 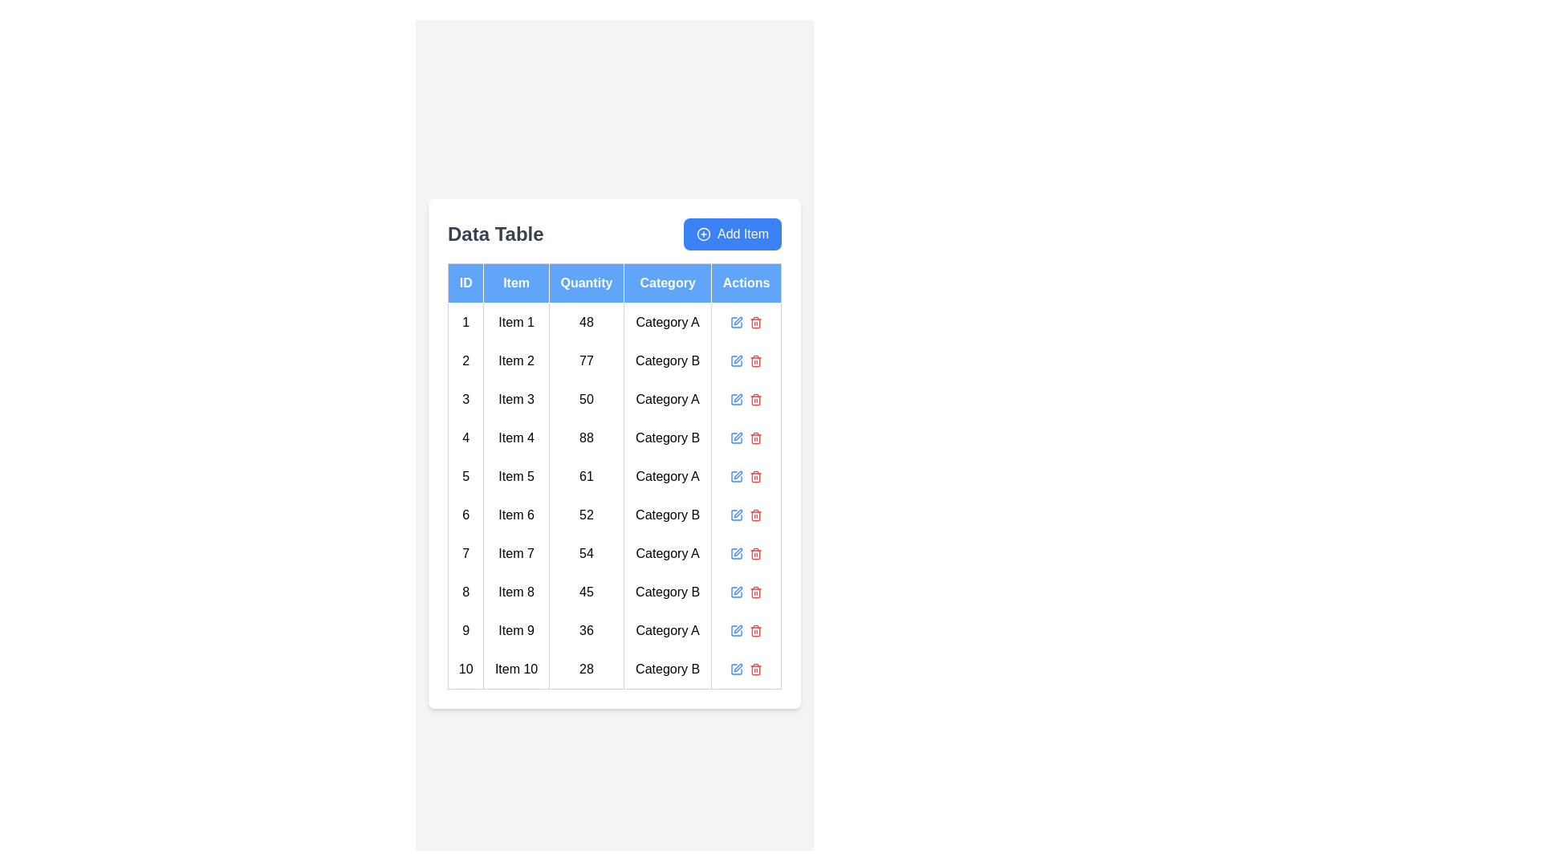 What do you see at coordinates (746, 475) in the screenshot?
I see `the red delete icon in the horizontal group of interactive icons within the 'Actions' column of the data table for 'Item 5'` at bounding box center [746, 475].